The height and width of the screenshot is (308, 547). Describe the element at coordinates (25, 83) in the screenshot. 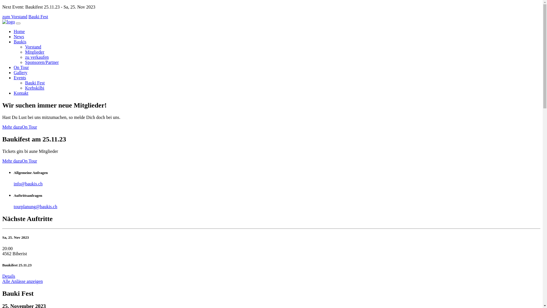

I see `'Bauki Fest'` at that location.